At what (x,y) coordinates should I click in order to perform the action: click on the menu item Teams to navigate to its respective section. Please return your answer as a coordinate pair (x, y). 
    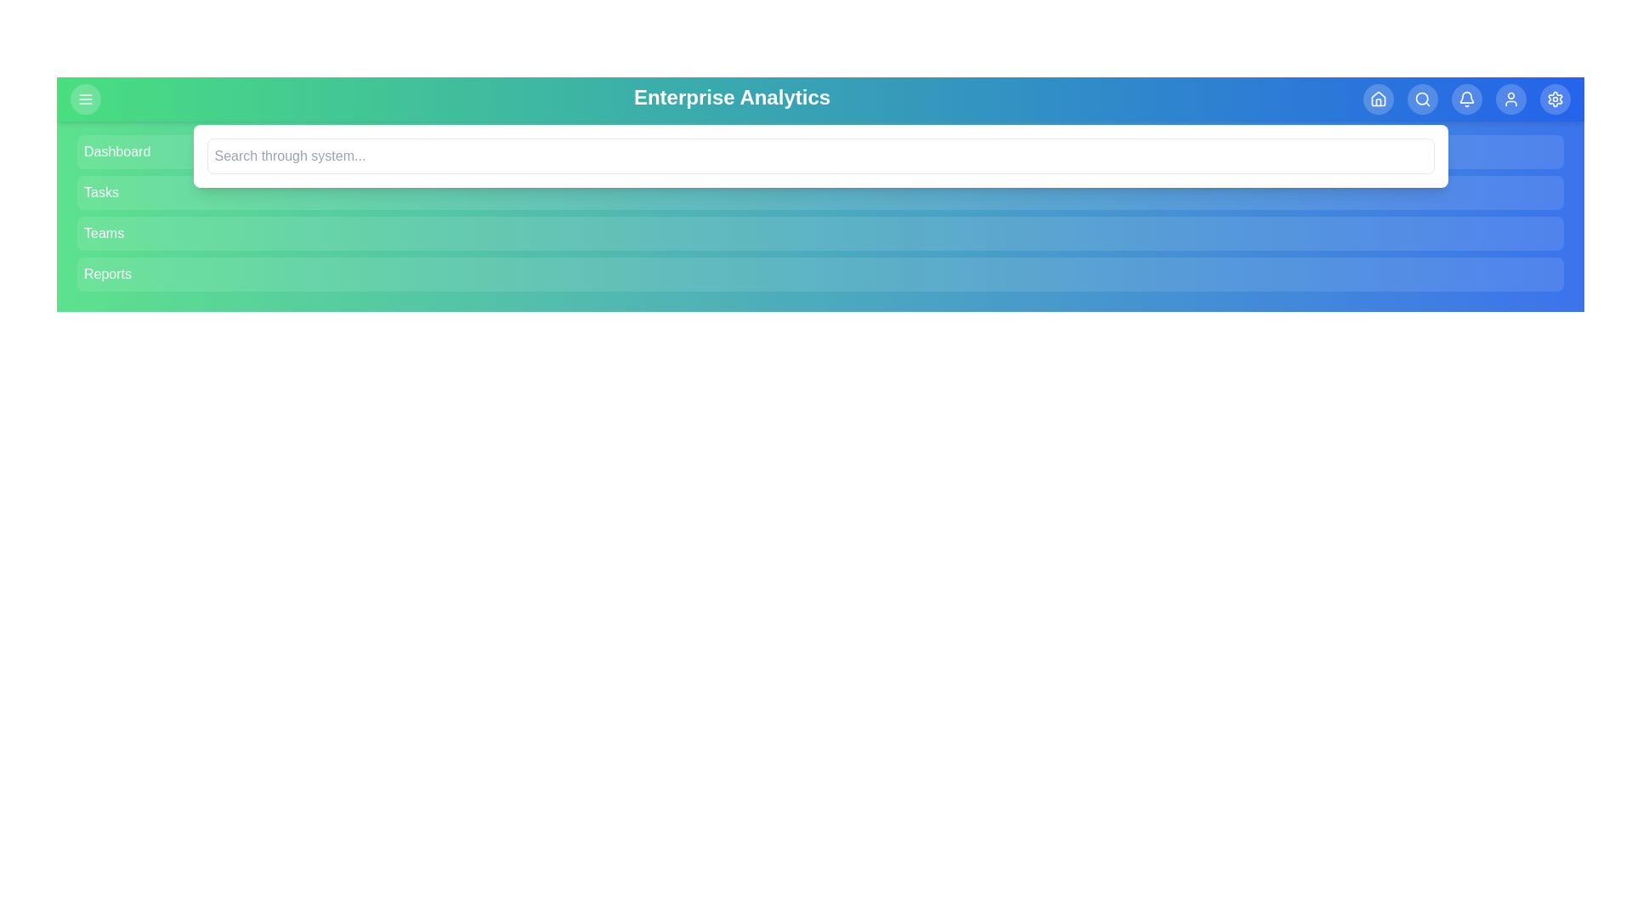
    Looking at the image, I should click on (820, 233).